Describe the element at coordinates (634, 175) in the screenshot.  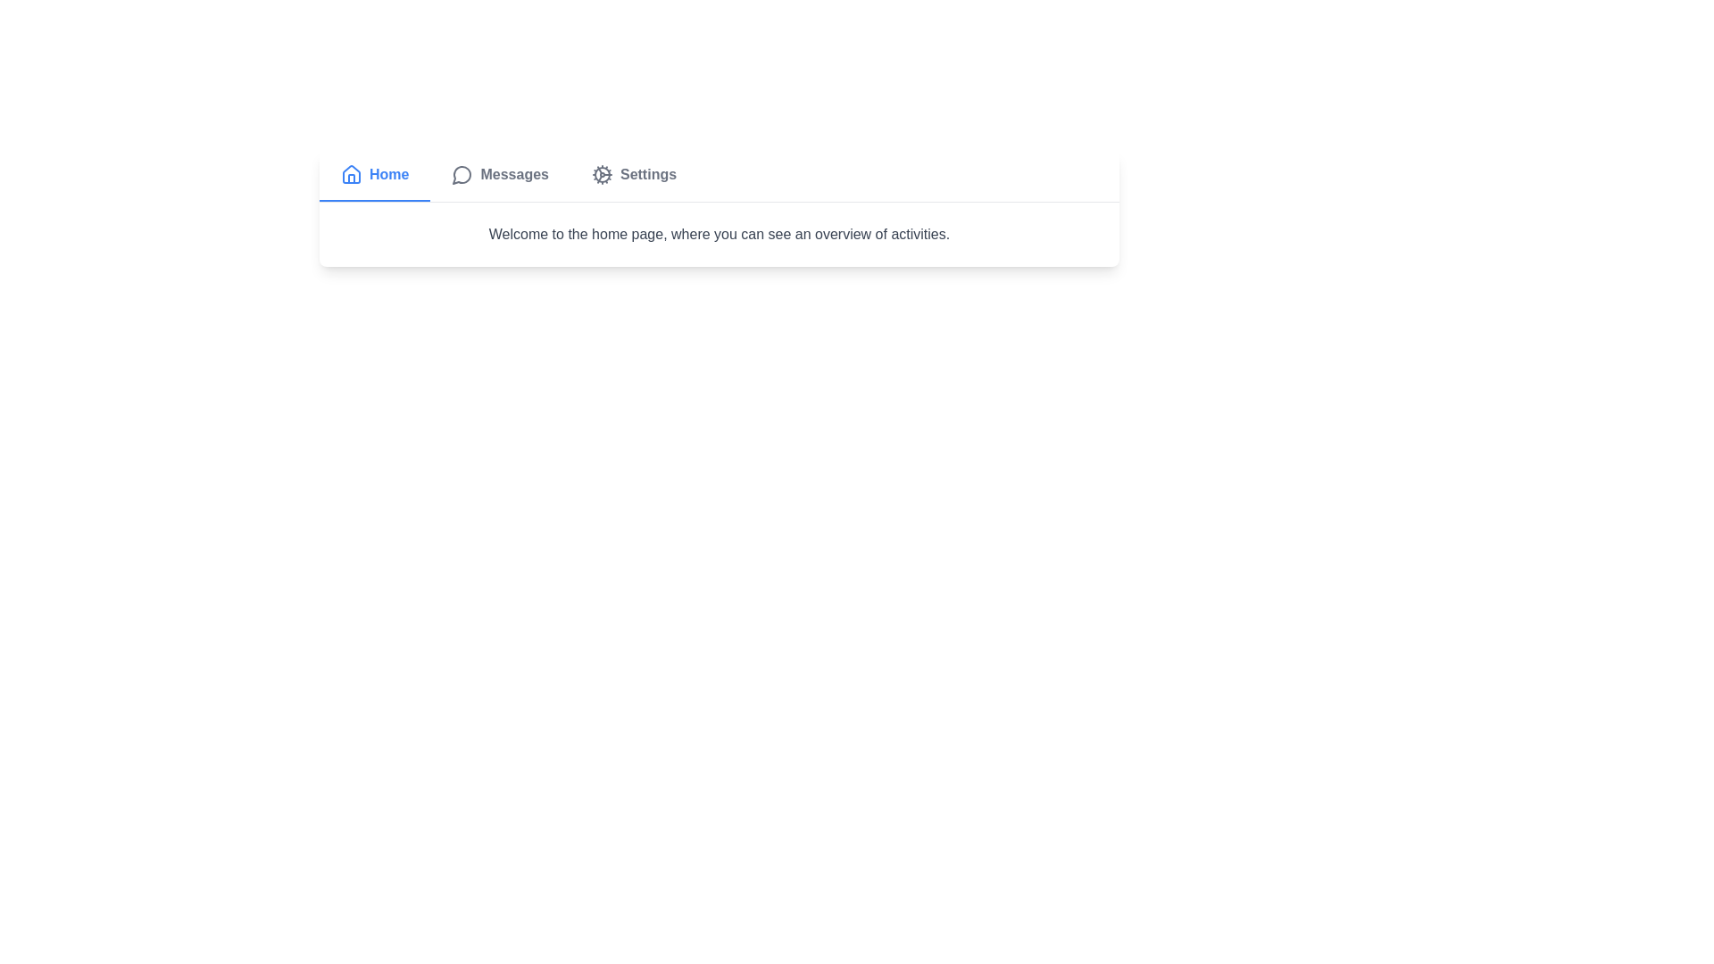
I see `the Settings tab by clicking on its label` at that location.